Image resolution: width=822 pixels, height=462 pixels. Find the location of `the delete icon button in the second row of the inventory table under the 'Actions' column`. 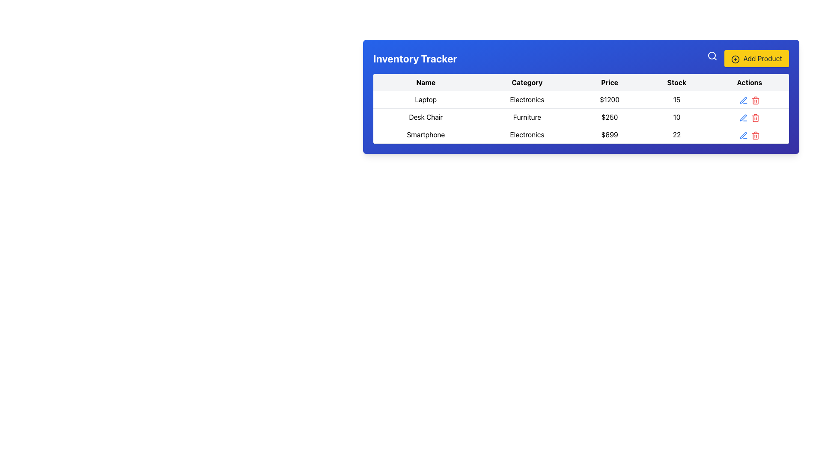

the delete icon button in the second row of the inventory table under the 'Actions' column is located at coordinates (755, 118).